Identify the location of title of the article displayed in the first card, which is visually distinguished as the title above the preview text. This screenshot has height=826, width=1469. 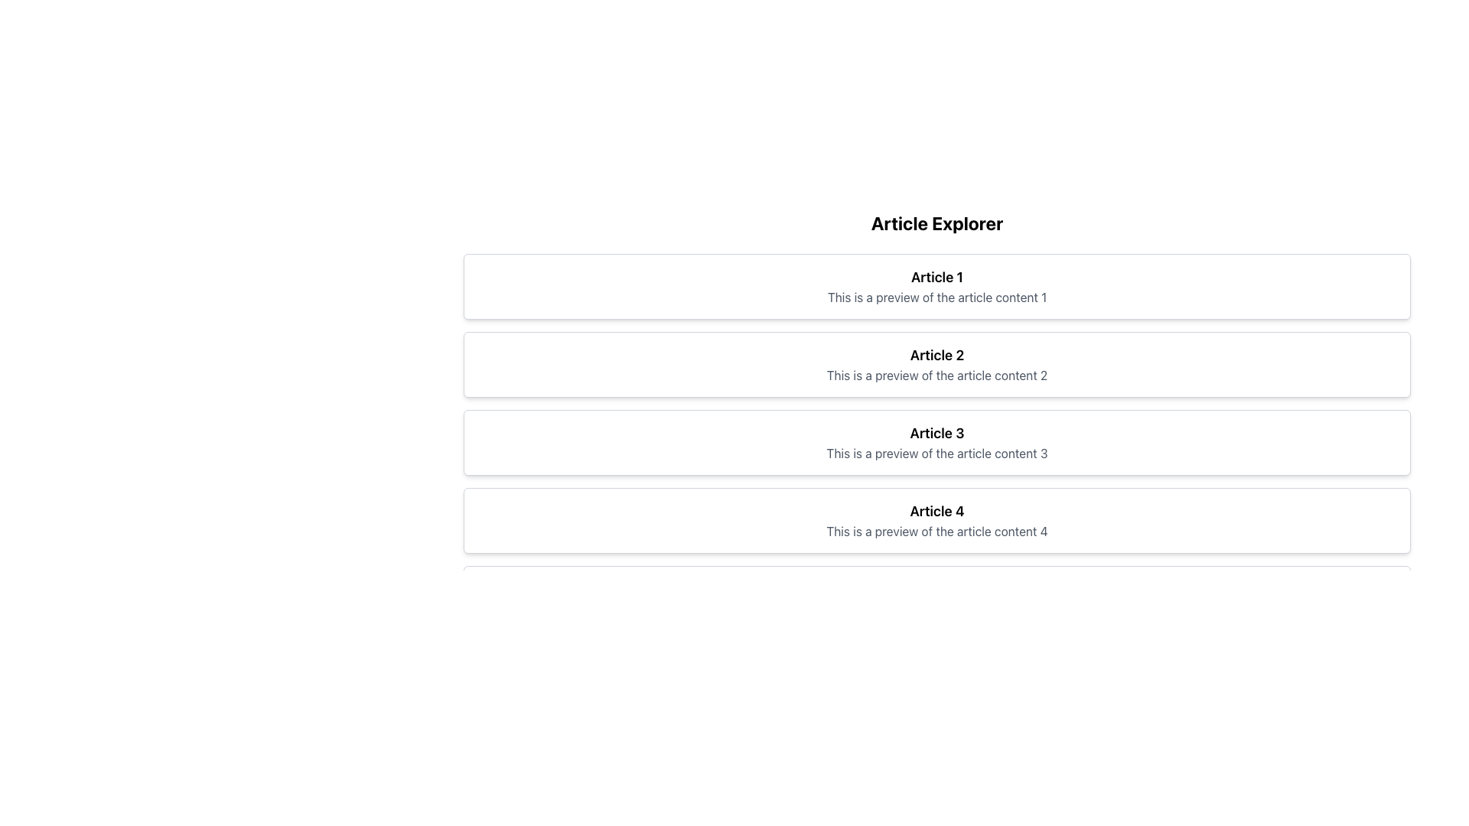
(936, 277).